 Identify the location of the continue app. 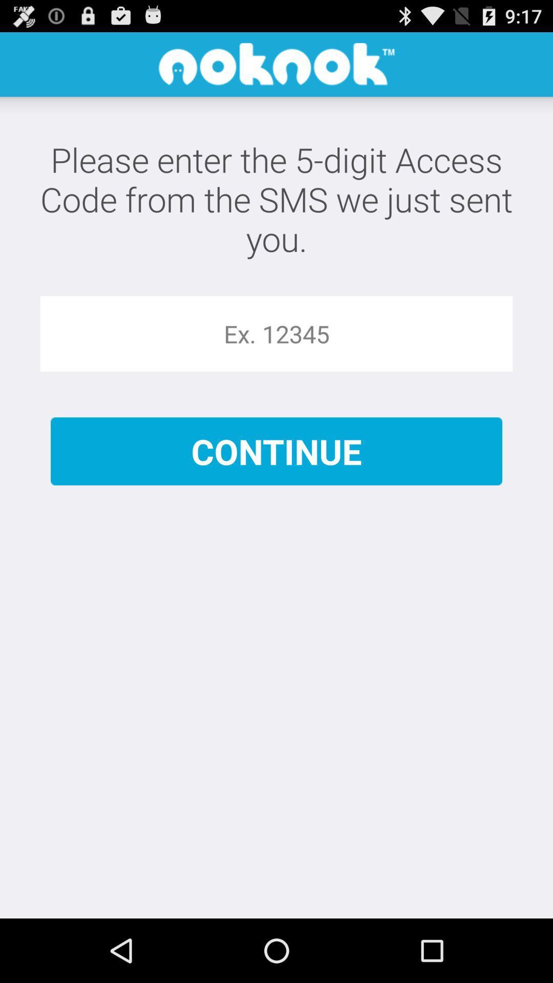
(276, 451).